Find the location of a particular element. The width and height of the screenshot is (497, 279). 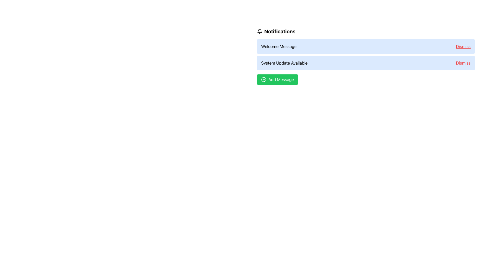

the 'Dismiss' link styled in red color with underlining, located at the far right end of the notification box in the top notification bar is located at coordinates (463, 47).